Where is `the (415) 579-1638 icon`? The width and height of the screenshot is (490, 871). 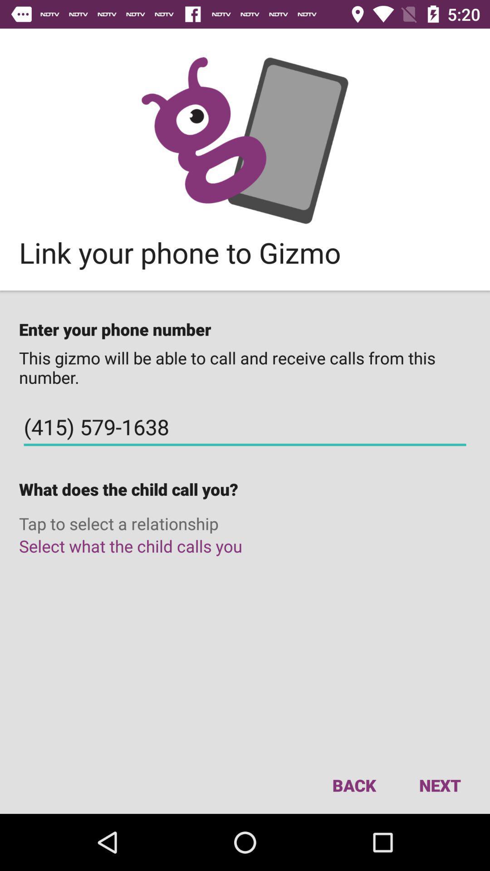 the (415) 579-1638 icon is located at coordinates (245, 426).